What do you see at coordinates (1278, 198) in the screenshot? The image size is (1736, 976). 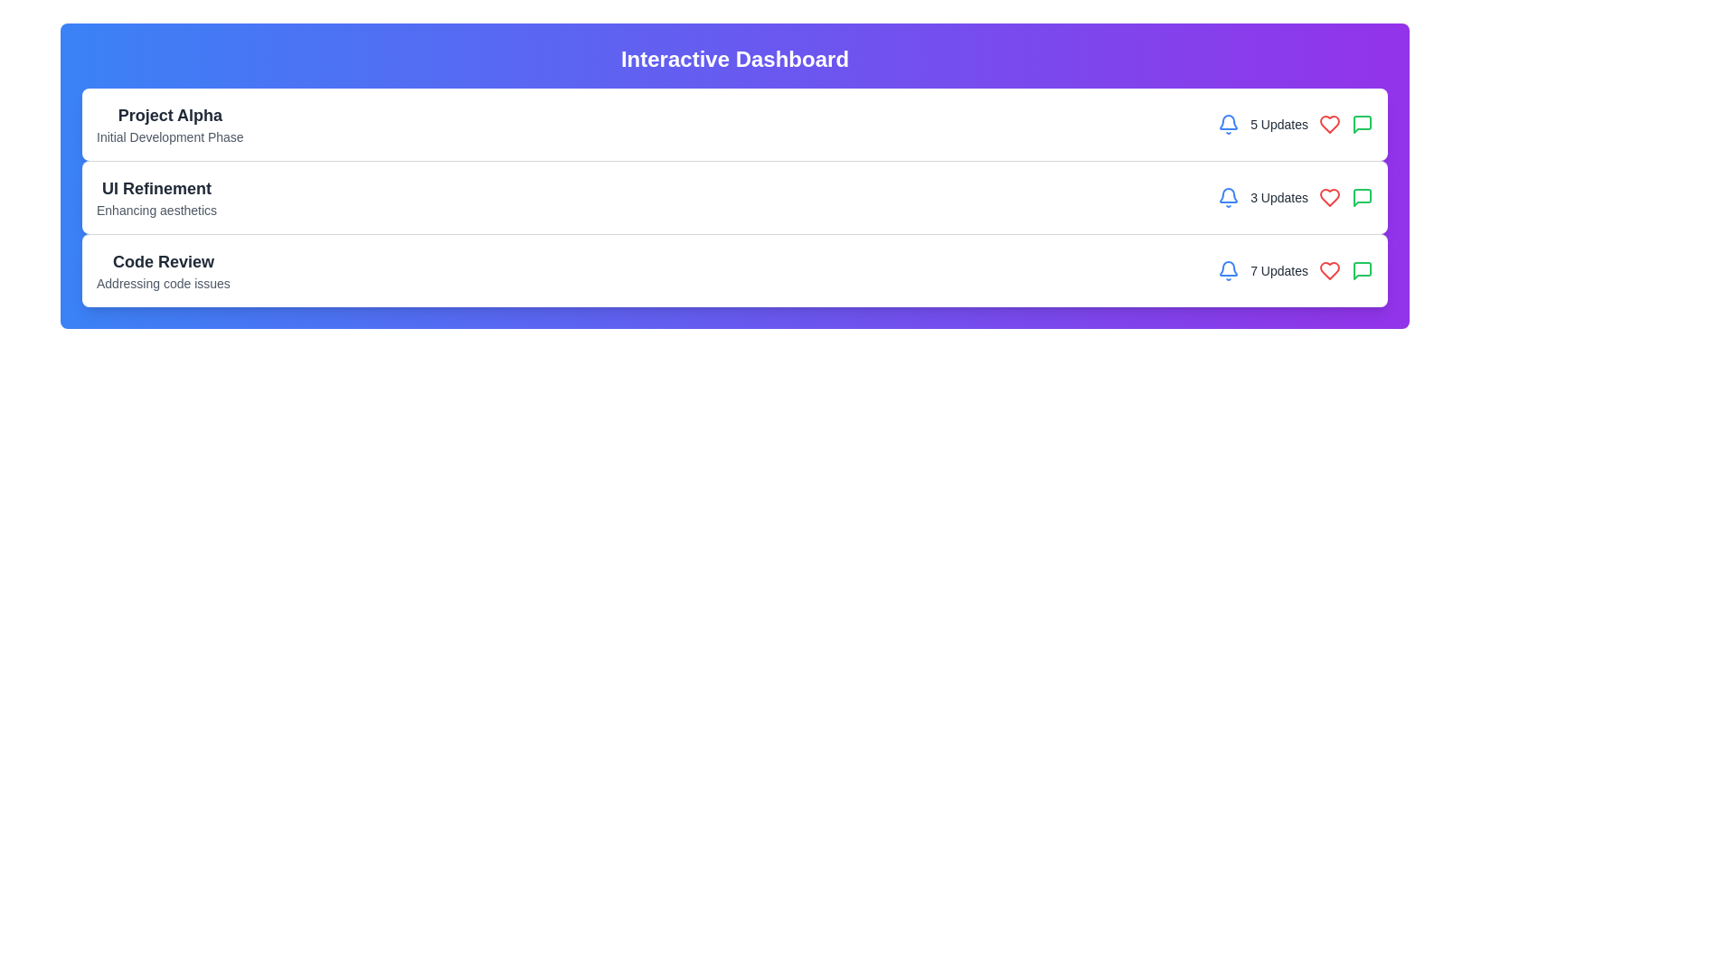 I see `the '3 Updates' text label, which is styled with a small gray font and positioned to the right of a blue notification icon` at bounding box center [1278, 198].